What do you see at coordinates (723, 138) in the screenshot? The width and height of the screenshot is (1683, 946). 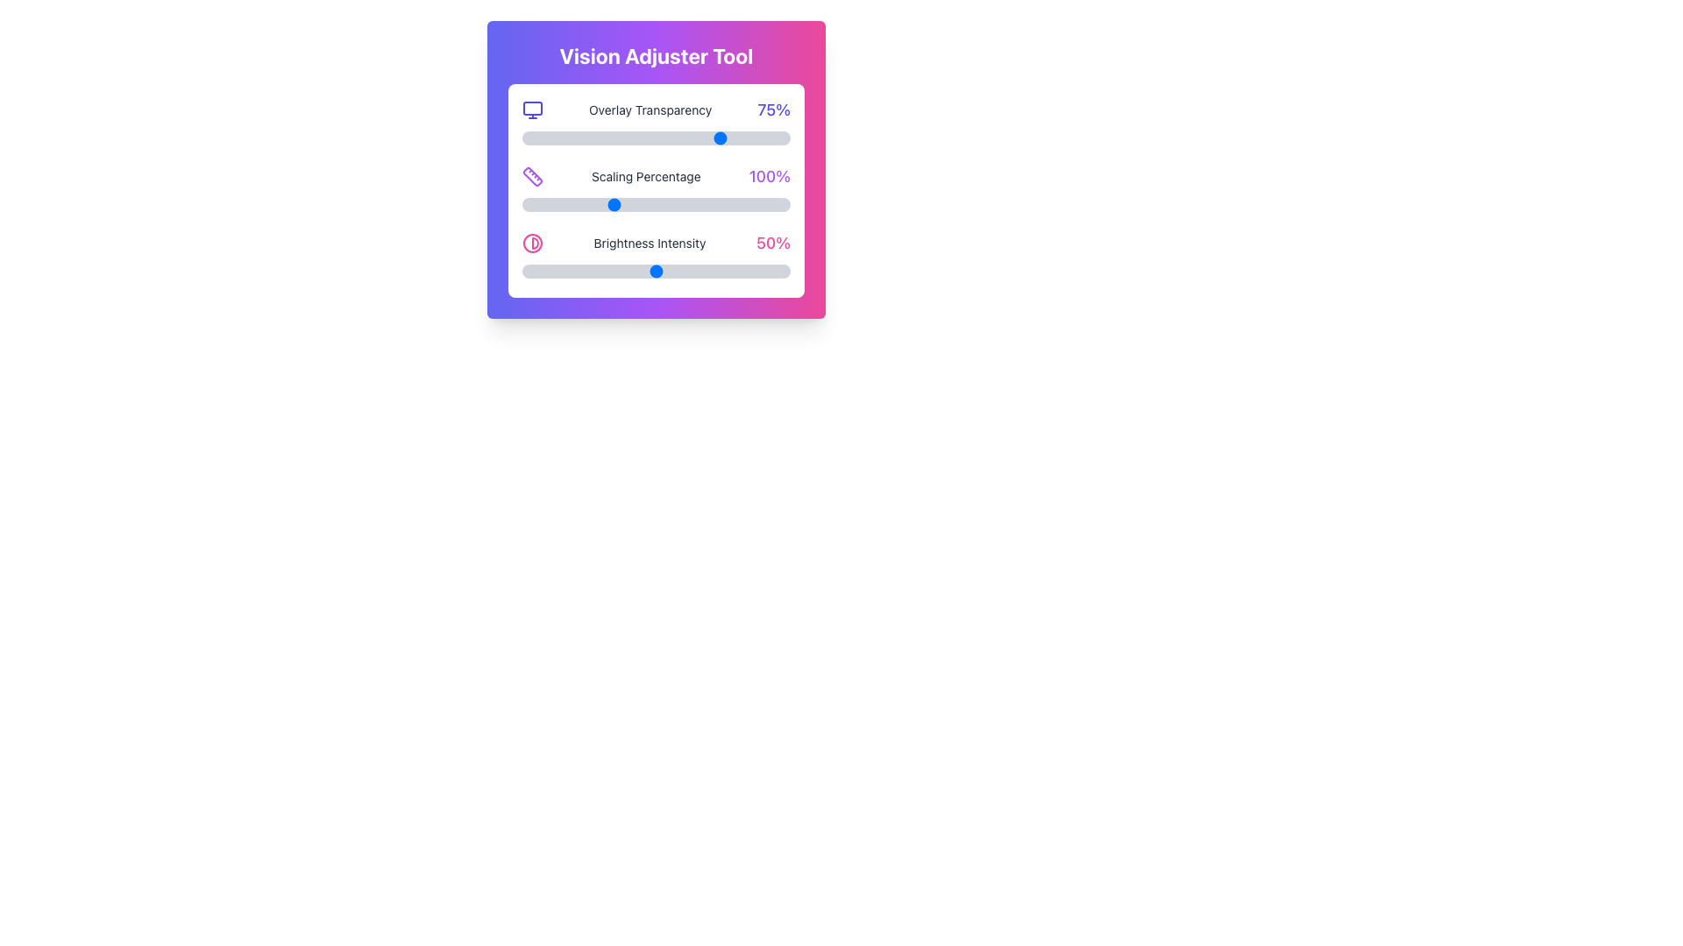 I see `the Overlay Transparency slider` at bounding box center [723, 138].